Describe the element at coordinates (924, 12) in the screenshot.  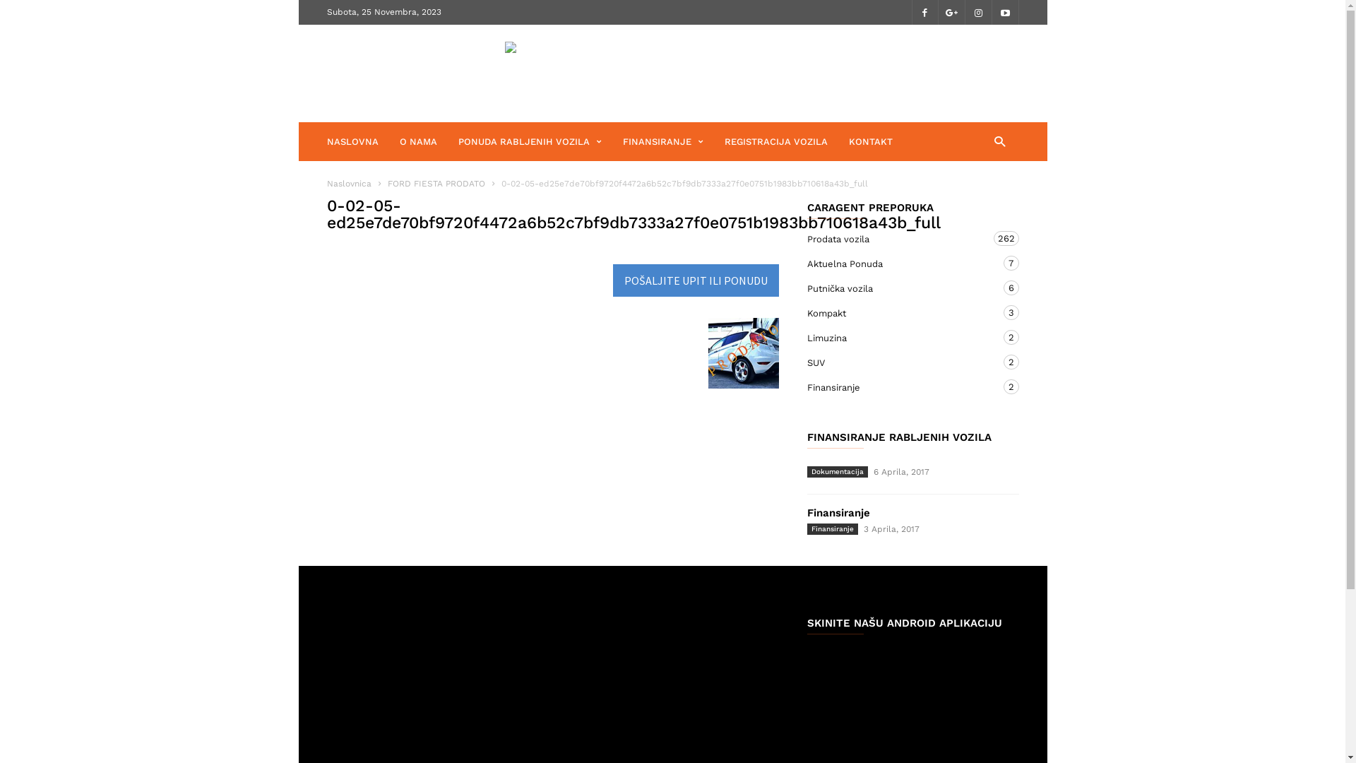
I see `'Facebook'` at that location.